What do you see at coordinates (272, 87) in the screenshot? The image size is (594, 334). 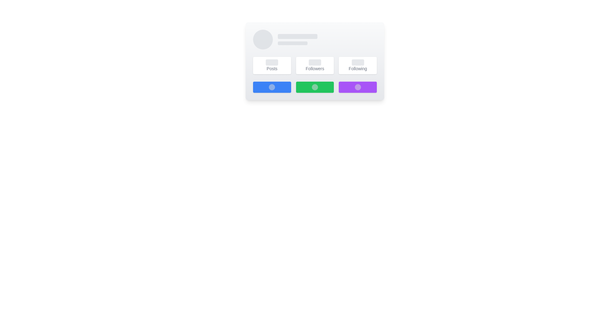 I see `the blue rectangular button with rounded corners, which has a light blue circular decoration inside` at bounding box center [272, 87].